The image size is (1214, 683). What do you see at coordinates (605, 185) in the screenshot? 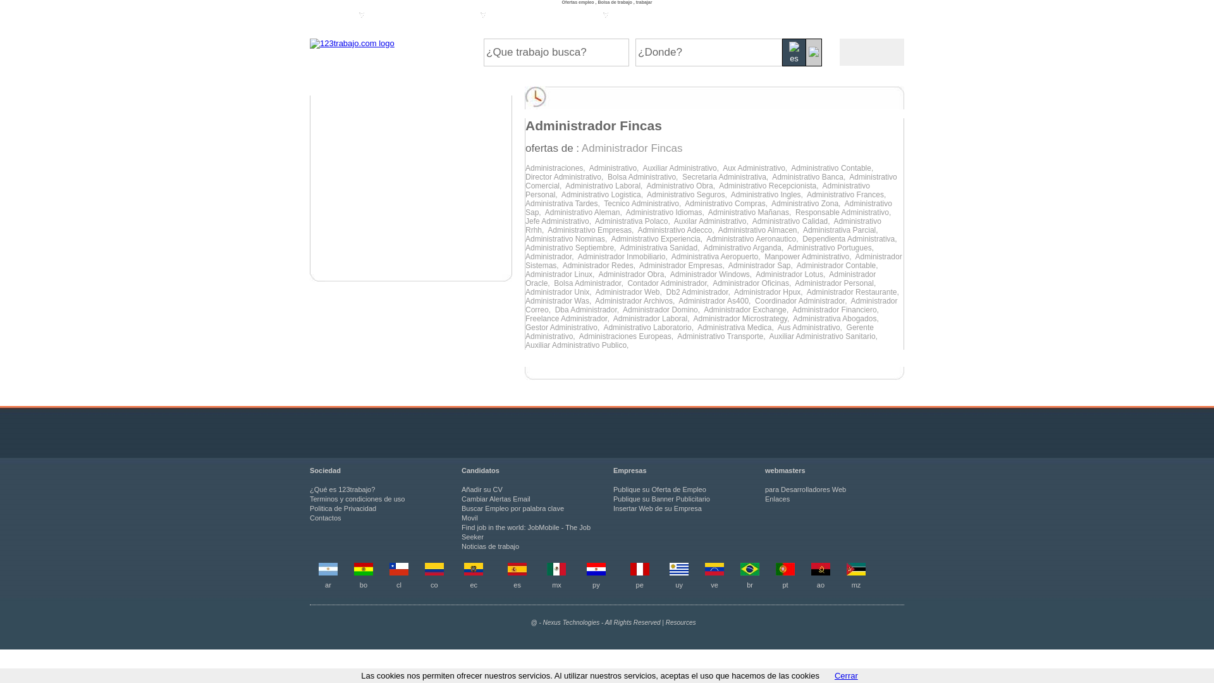
I see `'Administrativo Laboral, '` at bounding box center [605, 185].